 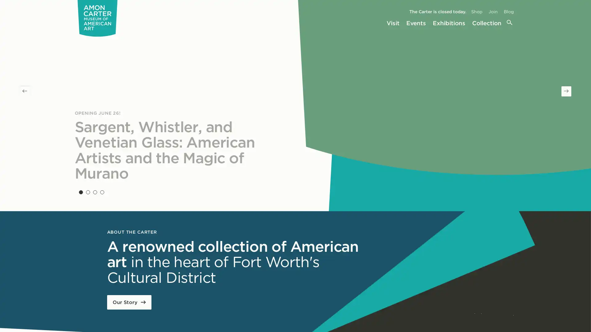 What do you see at coordinates (87, 192) in the screenshot?
I see `Slide 2` at bounding box center [87, 192].